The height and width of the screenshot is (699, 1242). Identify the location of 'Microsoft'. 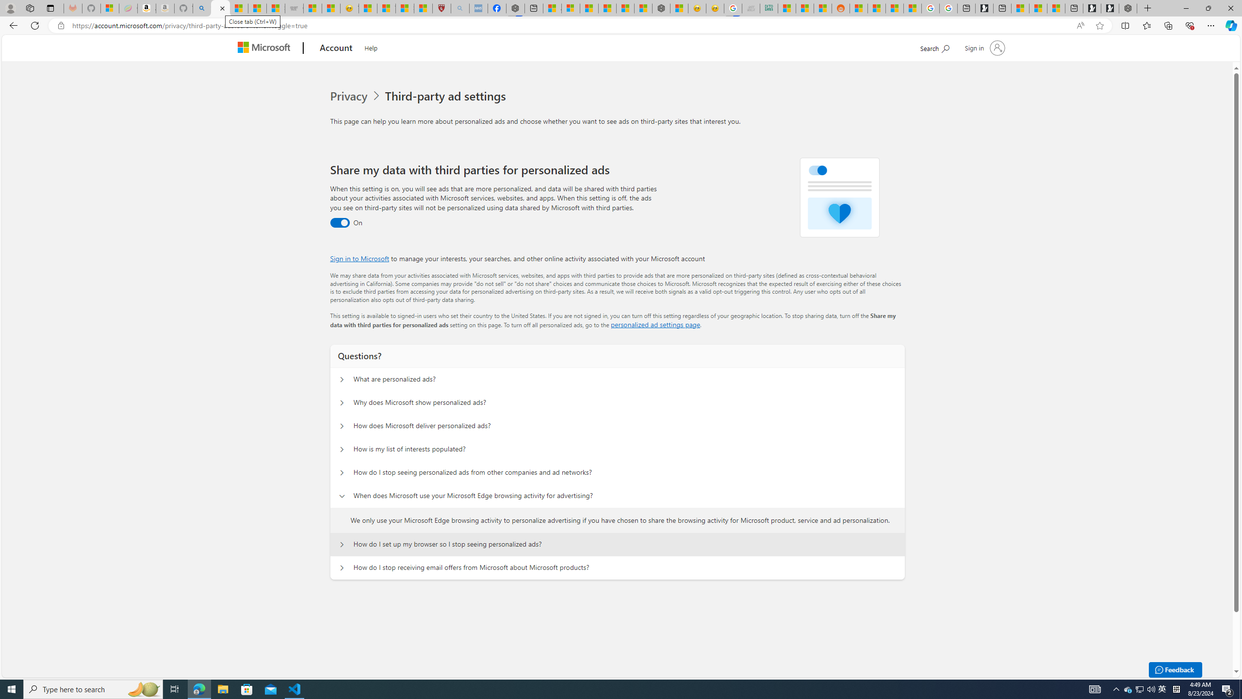
(266, 48).